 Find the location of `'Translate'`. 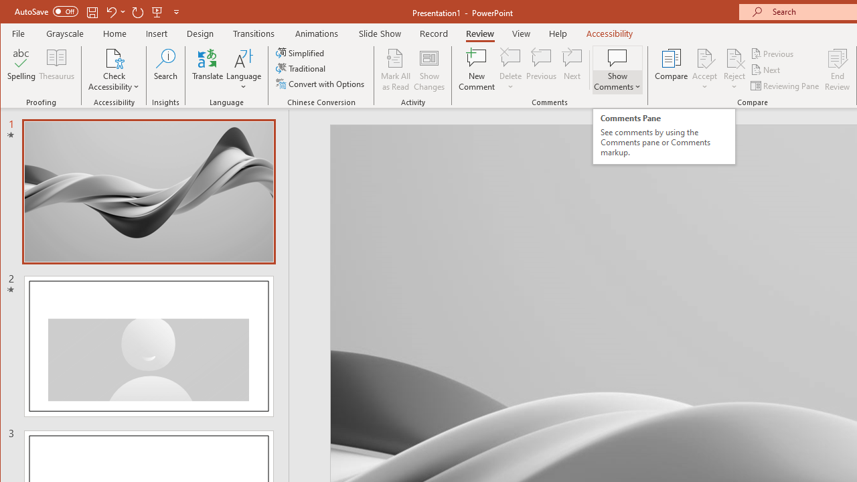

'Translate' is located at coordinates (207, 70).